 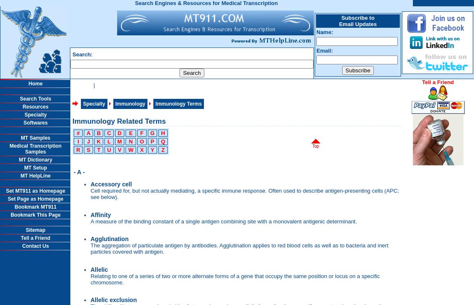 I want to click on 'Cell required for, but not actually mediating, a specific immune response. Often used to describe antigen-presenting cells (APC; see below).', so click(x=244, y=194).